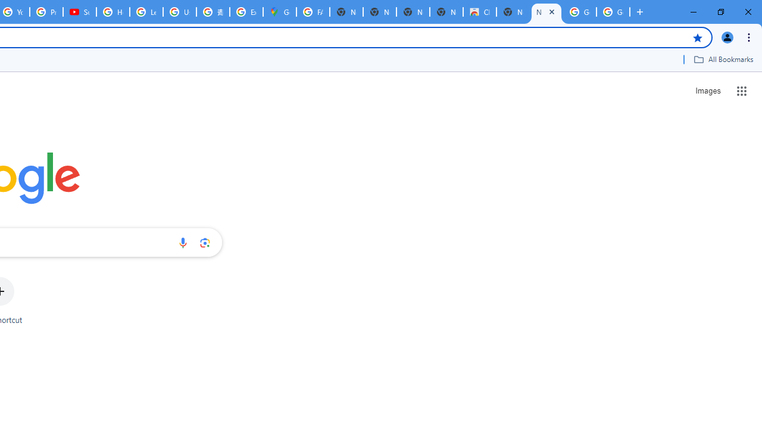 The width and height of the screenshot is (762, 429). I want to click on 'Google Images', so click(580, 12).